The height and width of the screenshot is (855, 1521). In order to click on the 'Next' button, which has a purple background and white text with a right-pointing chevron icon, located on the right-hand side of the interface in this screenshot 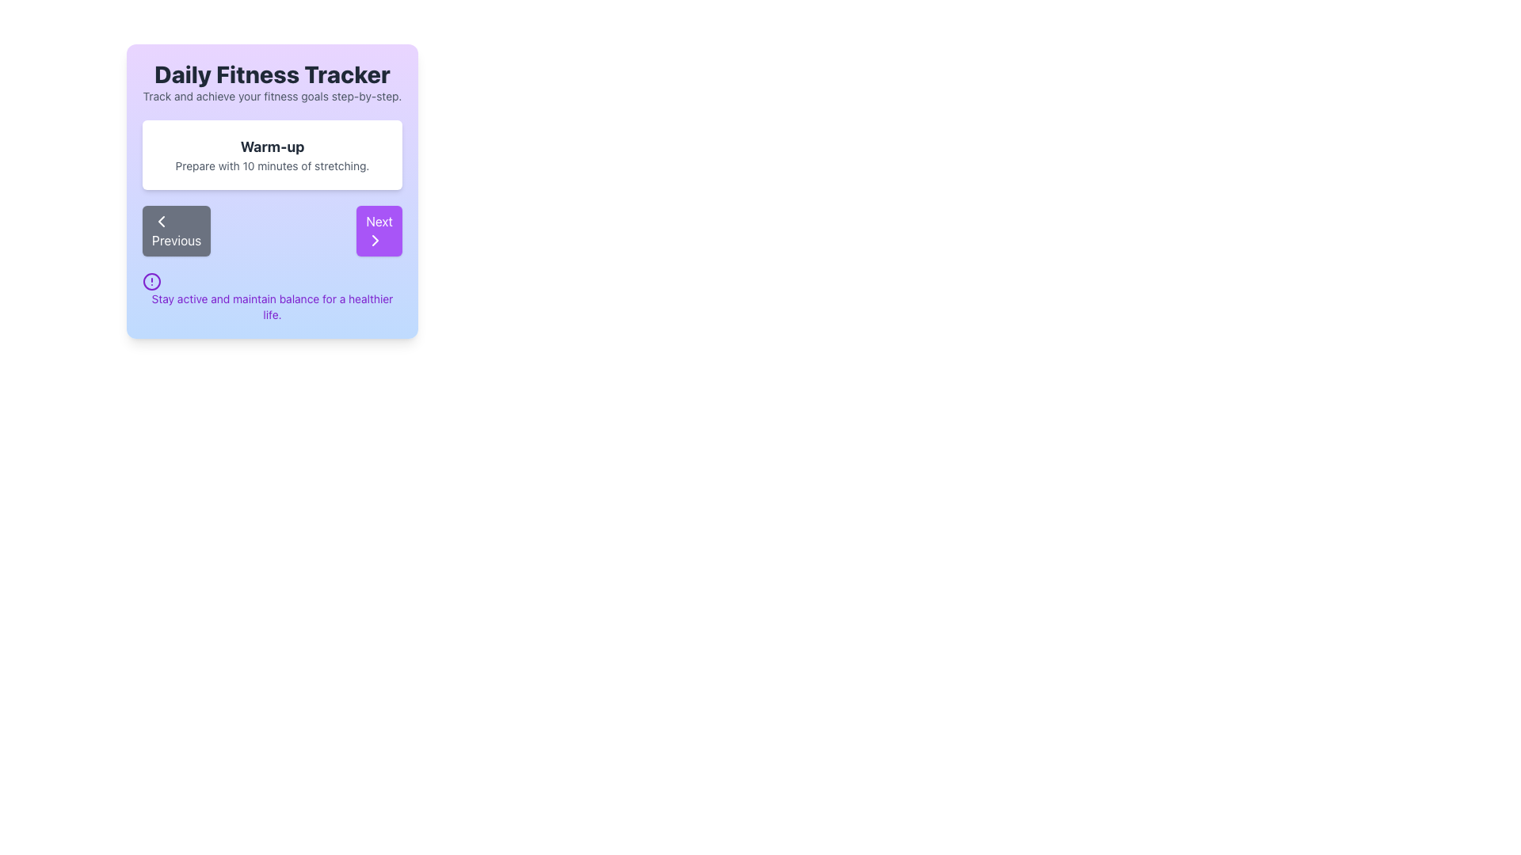, I will do `click(379, 231)`.